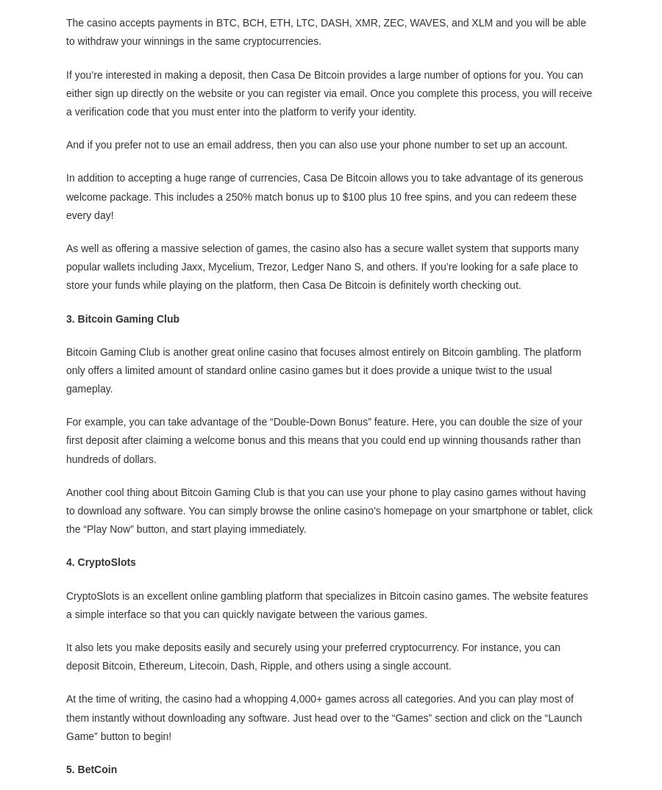 This screenshot has height=790, width=662. What do you see at coordinates (65, 439) in the screenshot?
I see `'For example, you can take advantage of the “Double-Down Bonus” feature. Here, you can double the size of your first deposit after claiming a welcome bonus and this means that you could end up winning thousands rather than hundreds of dollars.'` at bounding box center [65, 439].